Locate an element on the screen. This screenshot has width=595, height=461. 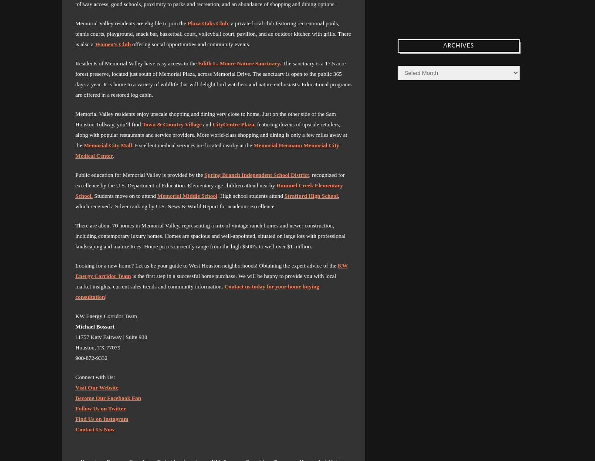
'Michael Bossart' is located at coordinates (94, 326).